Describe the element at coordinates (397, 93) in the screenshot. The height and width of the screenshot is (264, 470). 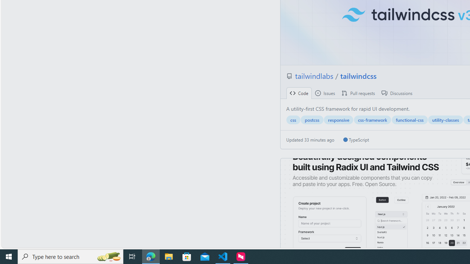
I see `' Discussions'` at that location.